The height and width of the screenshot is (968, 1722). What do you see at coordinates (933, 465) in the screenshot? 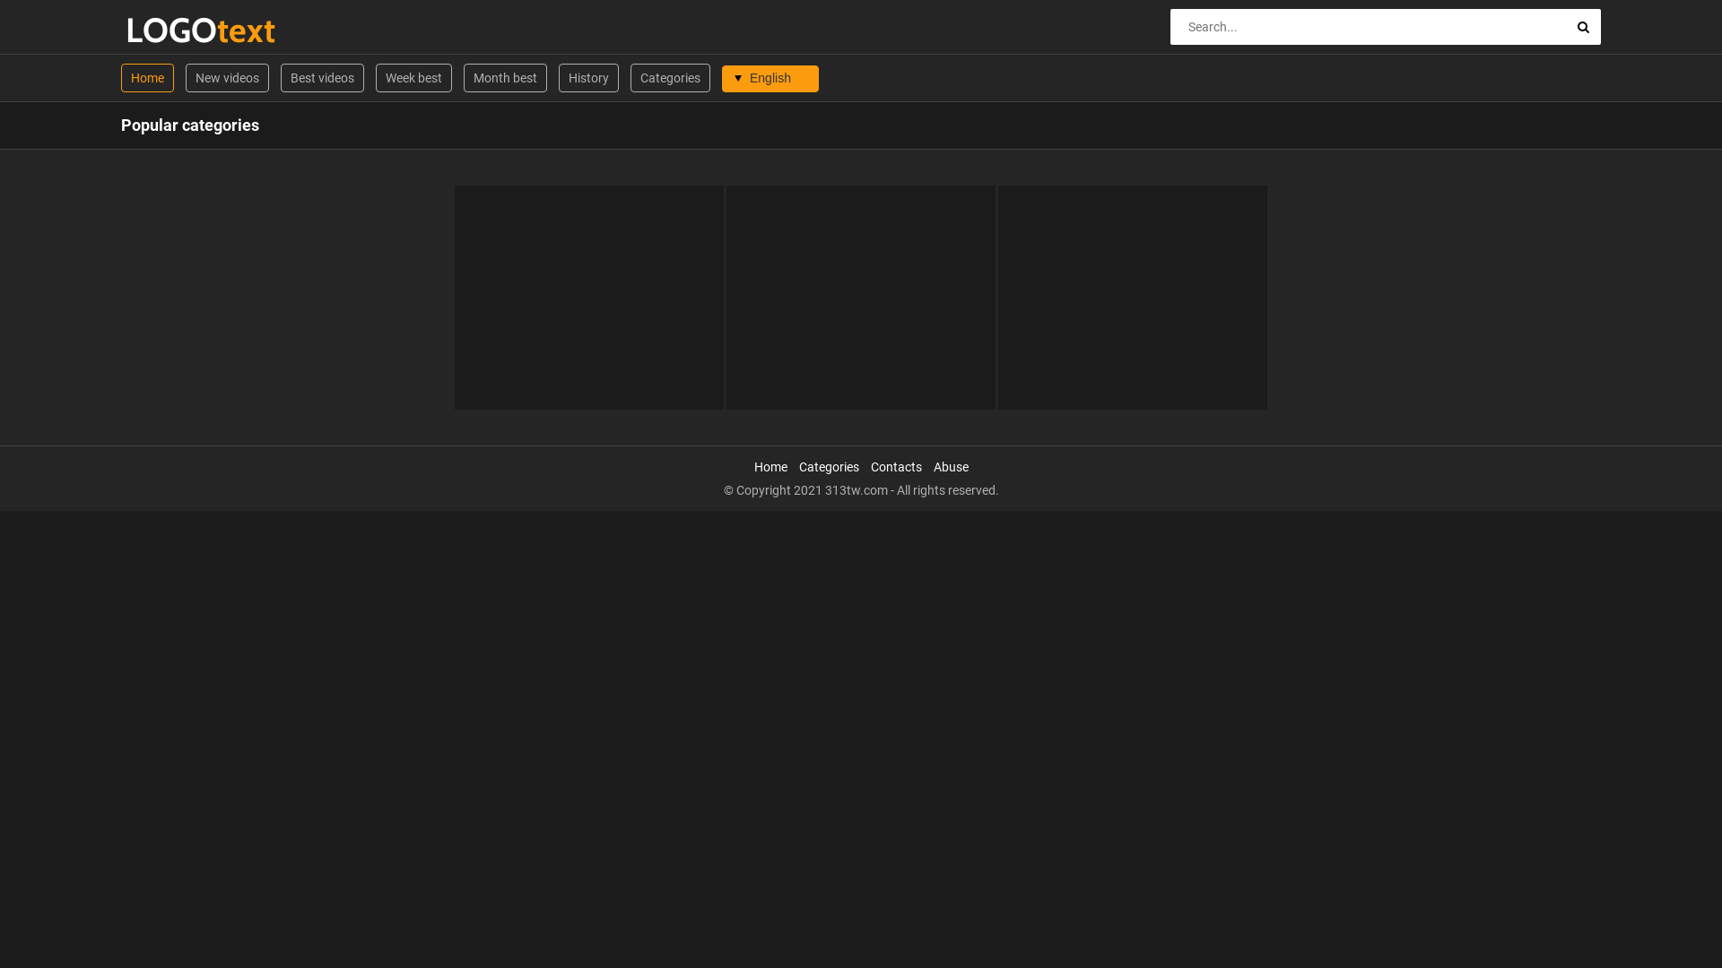
I see `'Abuse'` at bounding box center [933, 465].